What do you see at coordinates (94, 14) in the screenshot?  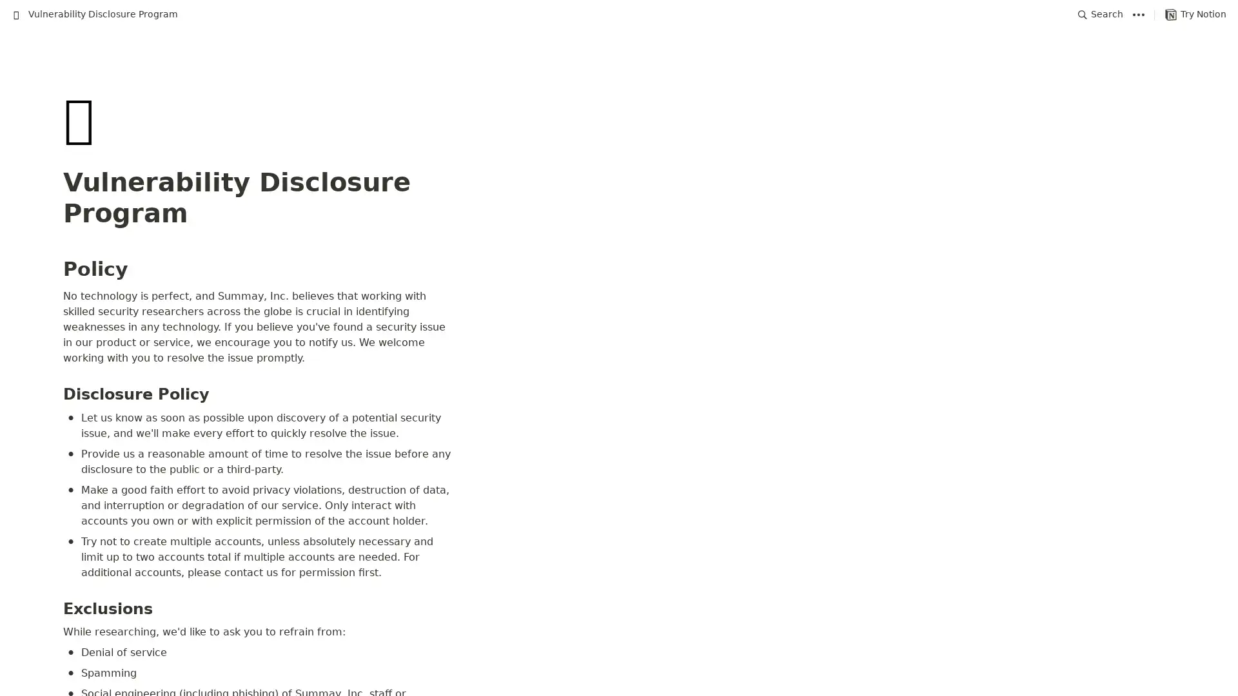 I see `Vulnerability Disclosure Program` at bounding box center [94, 14].